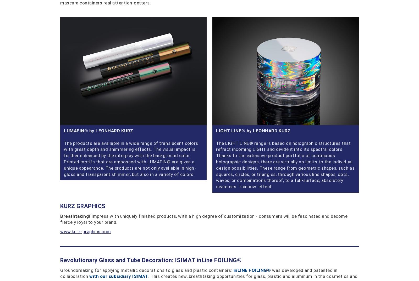 Image resolution: width=419 pixels, height=281 pixels. I want to click on 'Revolutionary Glass and Tube Decoration: ISIMAT inLine FOILING®', so click(151, 260).